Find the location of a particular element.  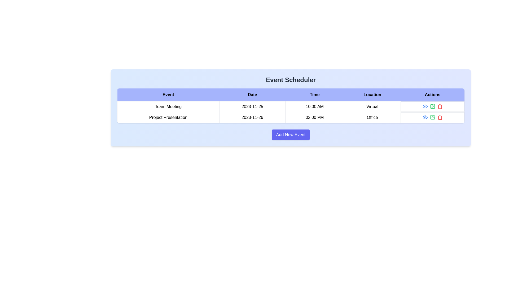

the blue eye icon button located in the 'Actions' column of the second row is located at coordinates (425, 117).